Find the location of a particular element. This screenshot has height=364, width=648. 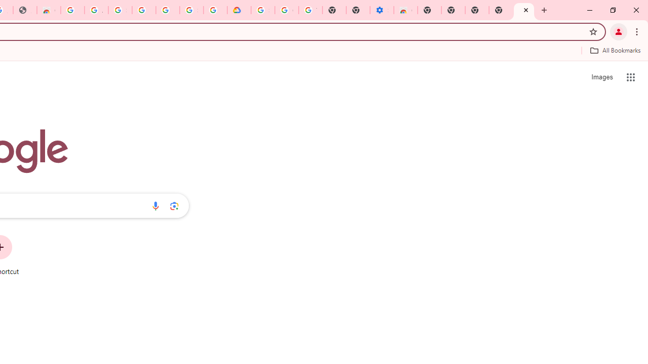

'New Tab' is located at coordinates (501, 10).